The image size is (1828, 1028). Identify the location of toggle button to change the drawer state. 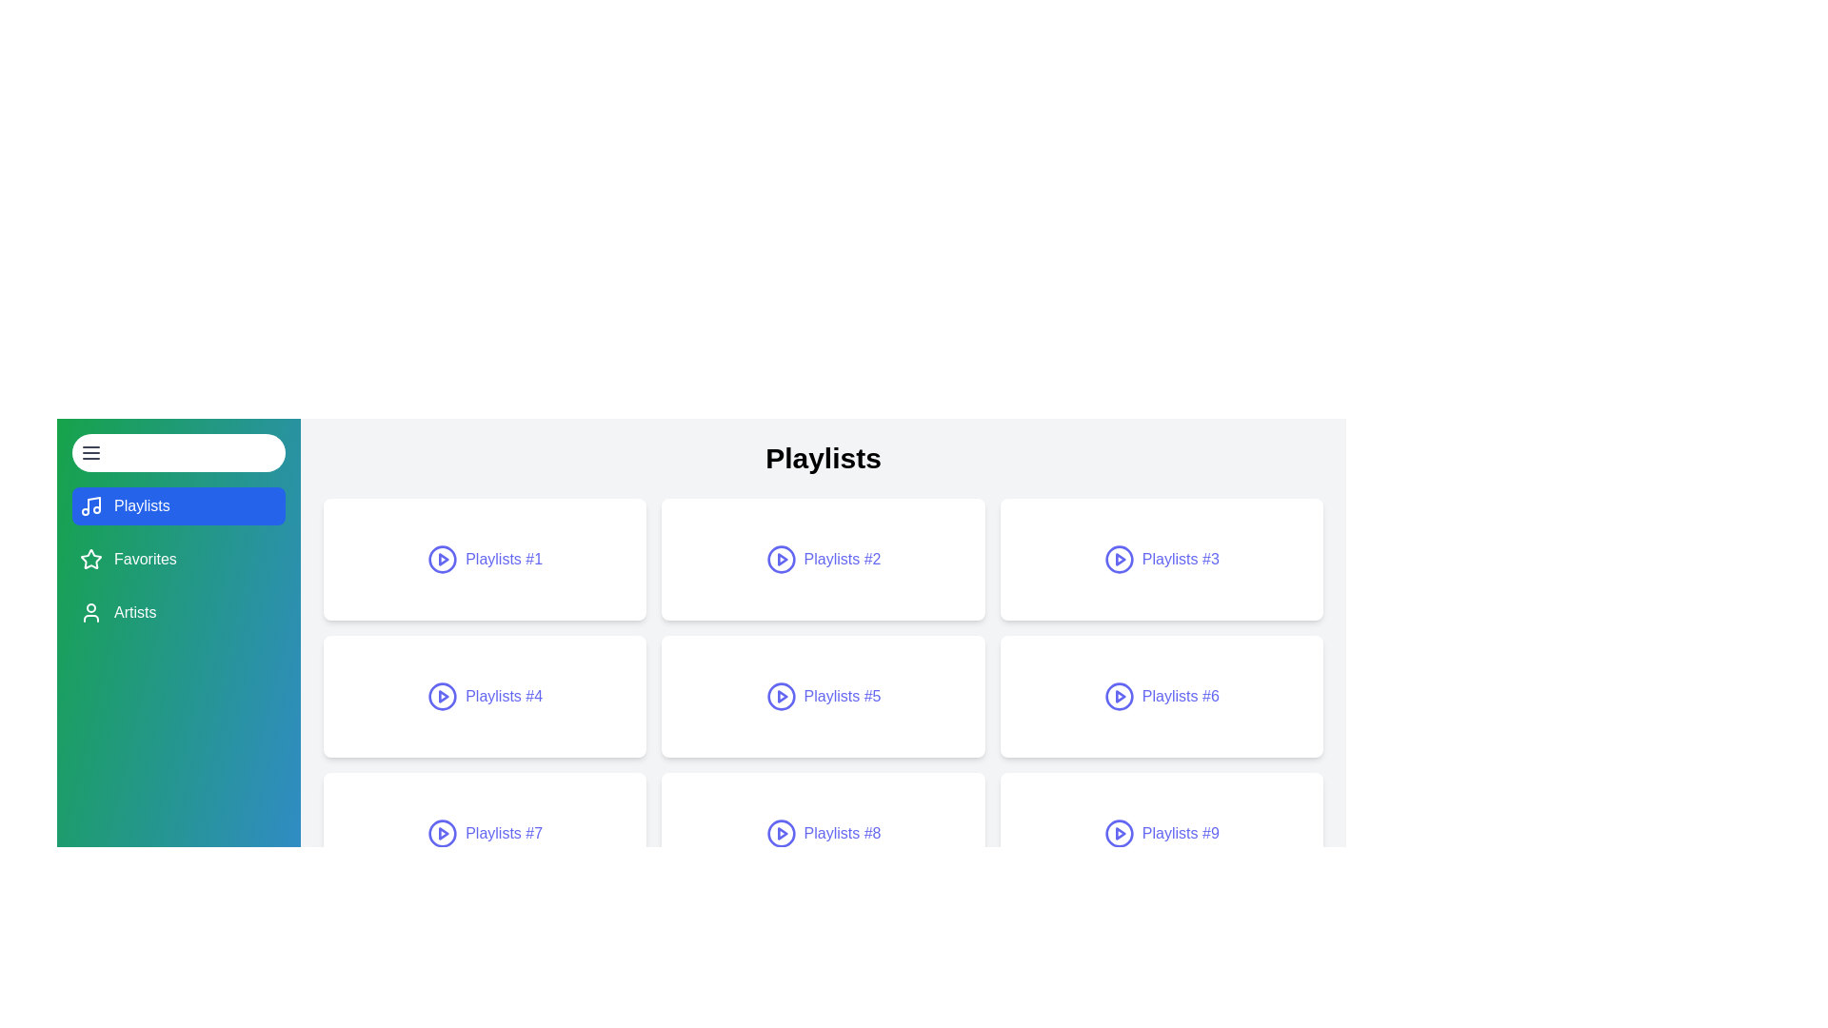
(178, 452).